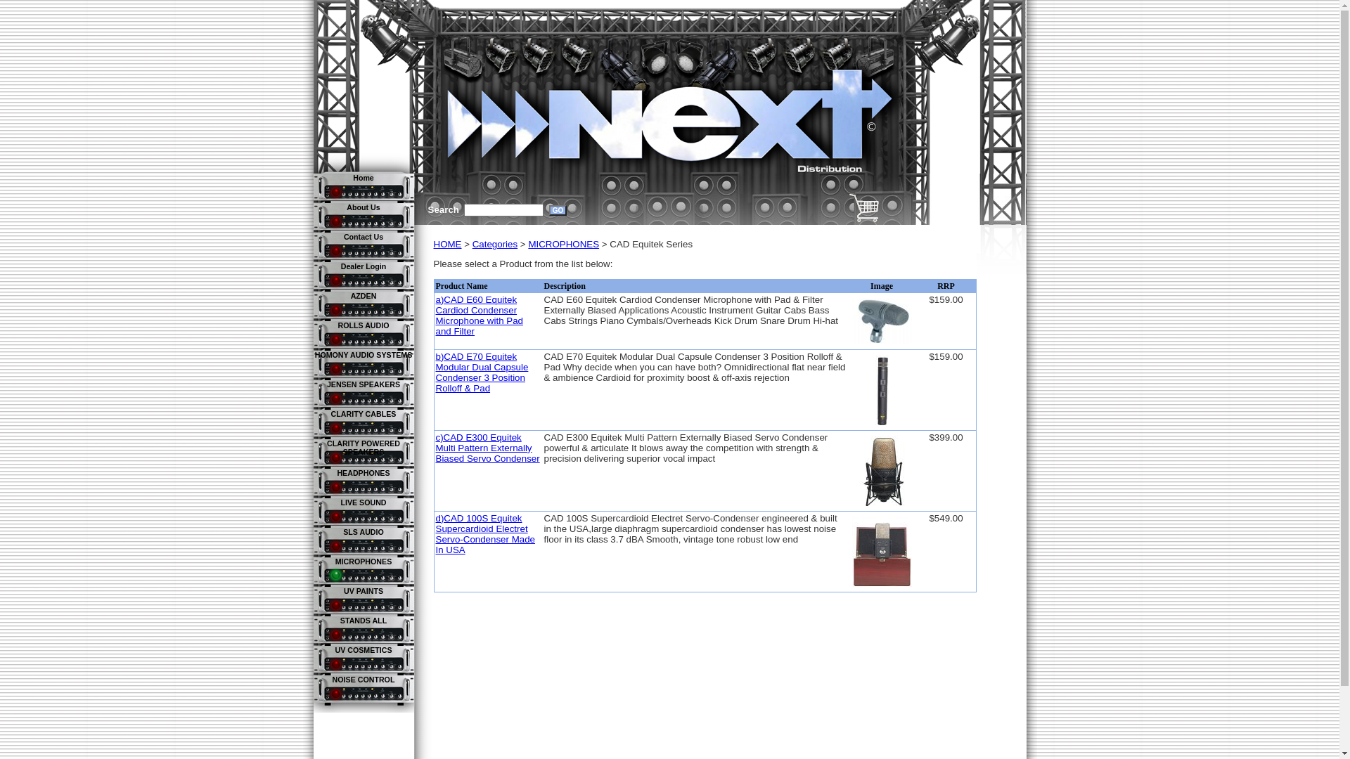 Image resolution: width=1350 pixels, height=759 pixels. Describe the element at coordinates (364, 266) in the screenshot. I see `'Dealer Login'` at that location.